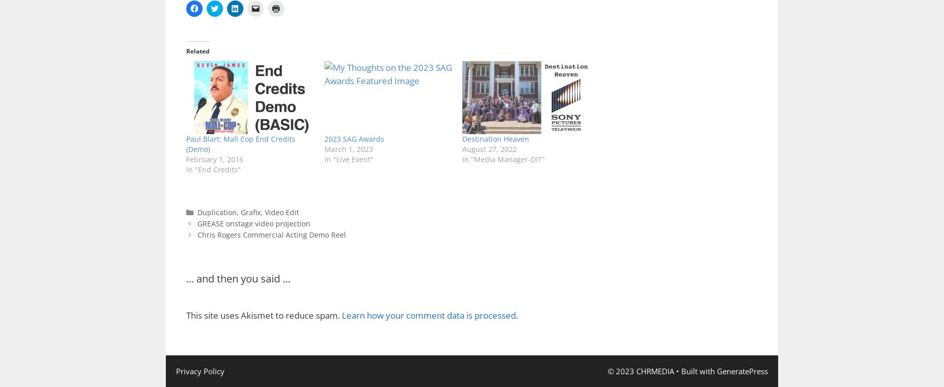  Describe the element at coordinates (264, 314) in the screenshot. I see `'This site uses Akismet to reduce spam.'` at that location.